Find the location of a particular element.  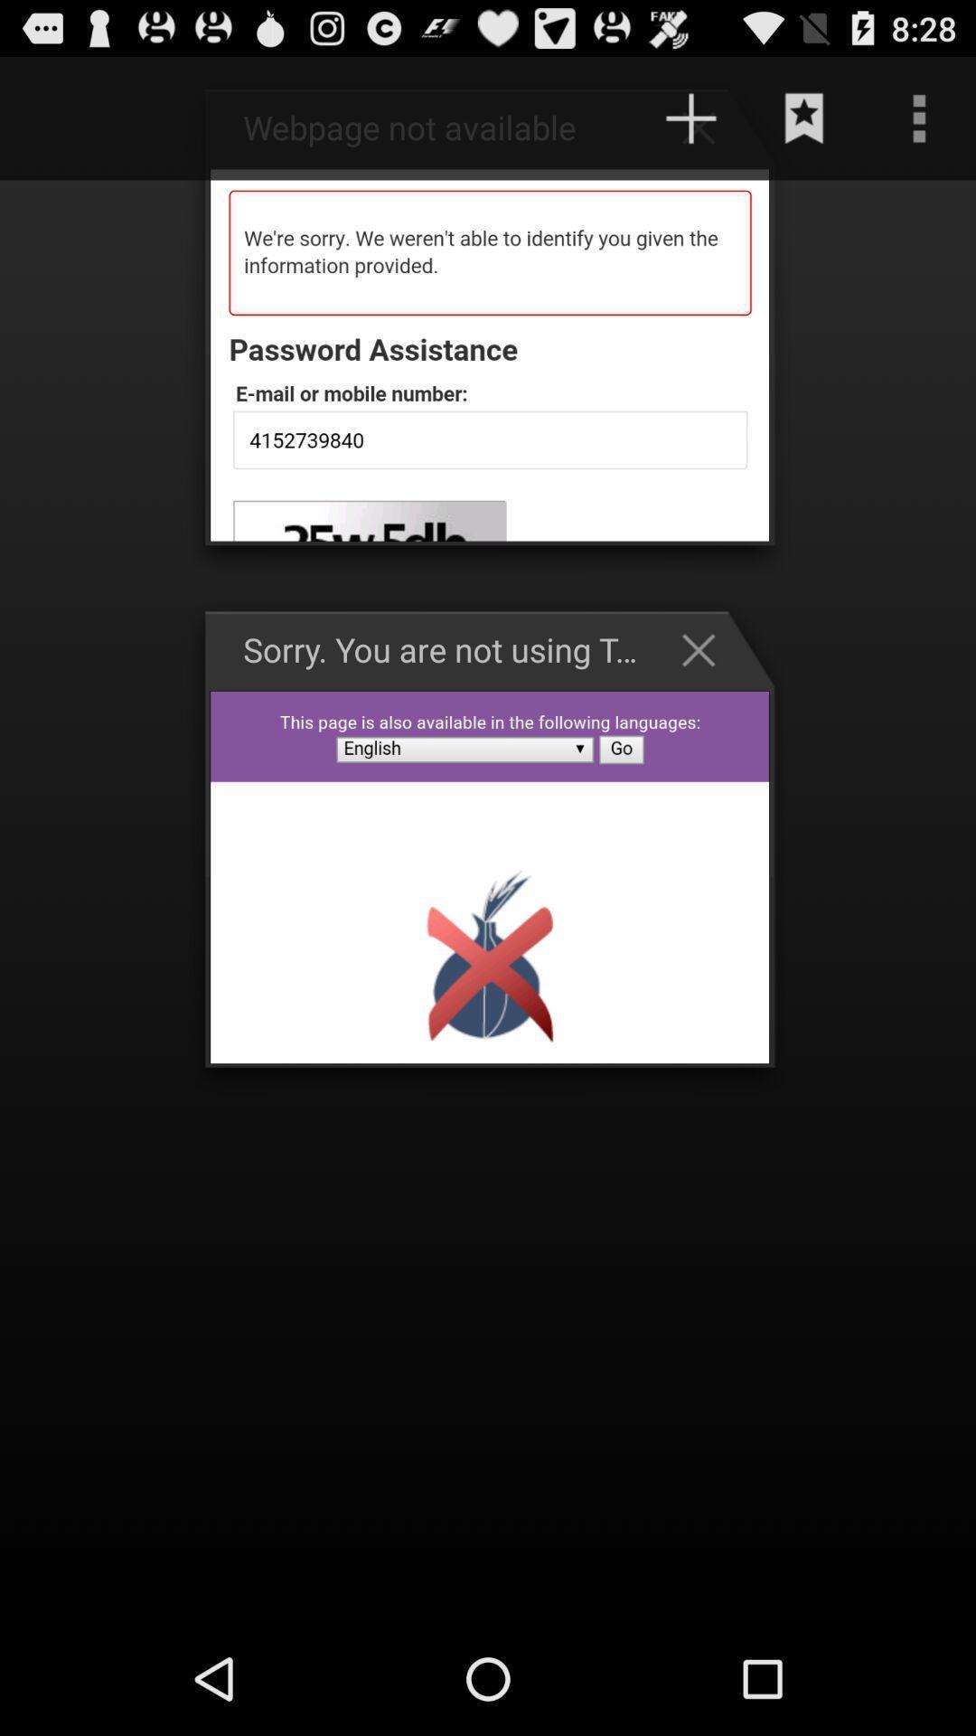

the more icon is located at coordinates (919, 126).